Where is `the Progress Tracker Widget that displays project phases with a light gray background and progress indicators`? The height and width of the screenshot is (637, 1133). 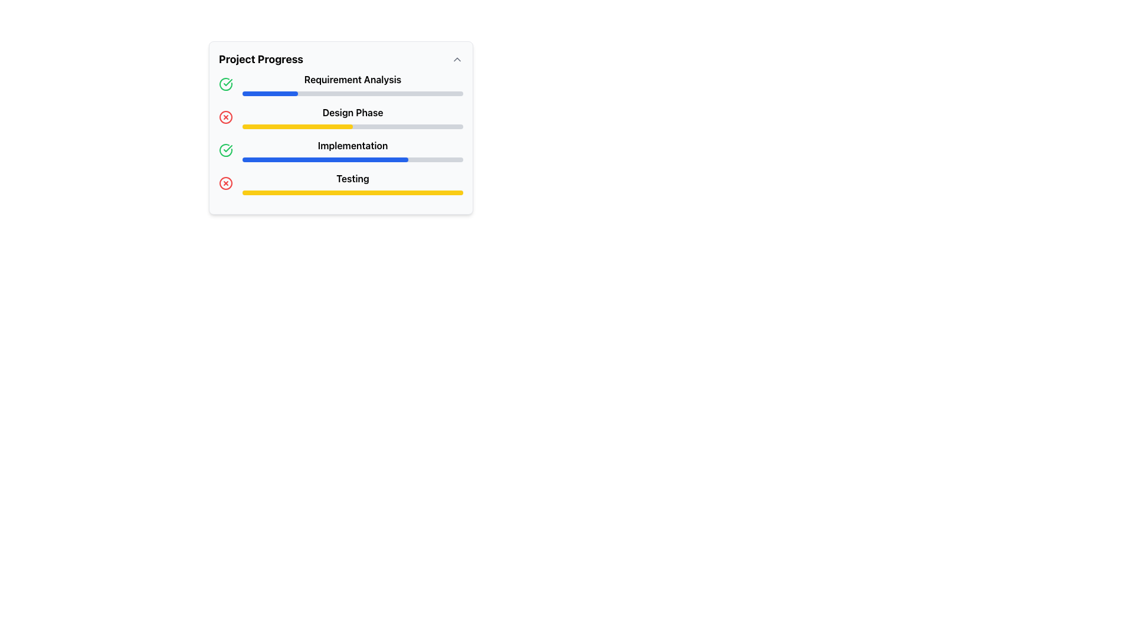 the Progress Tracker Widget that displays project phases with a light gray background and progress indicators is located at coordinates (340, 127).